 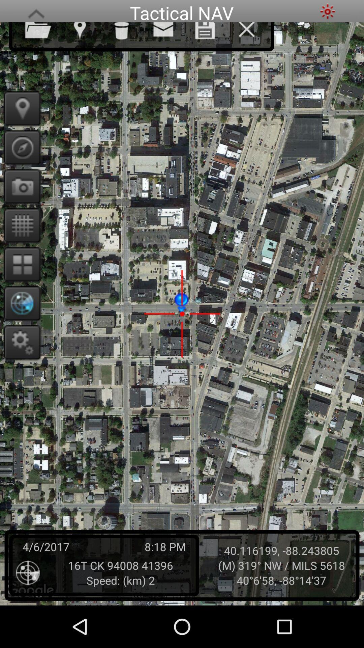 I want to click on the photo icon, so click(x=20, y=199).